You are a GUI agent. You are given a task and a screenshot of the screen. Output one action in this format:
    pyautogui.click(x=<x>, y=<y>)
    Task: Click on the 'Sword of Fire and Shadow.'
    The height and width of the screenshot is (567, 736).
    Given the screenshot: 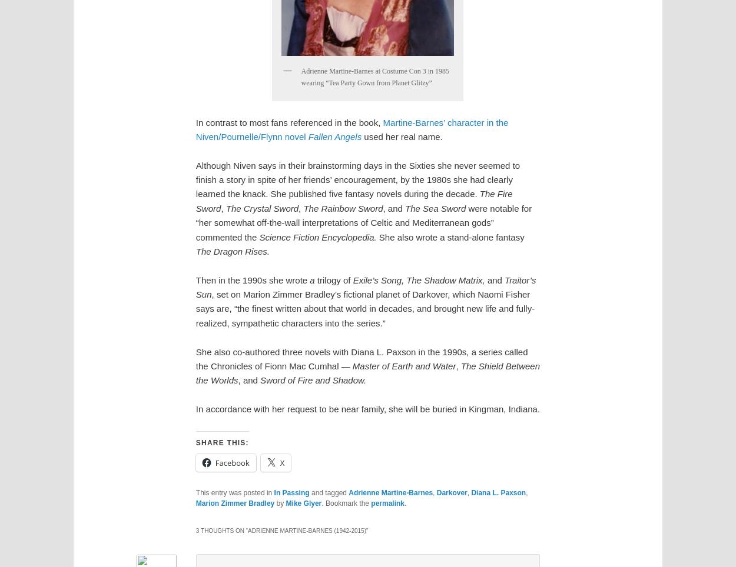 What is the action you would take?
    pyautogui.click(x=313, y=379)
    